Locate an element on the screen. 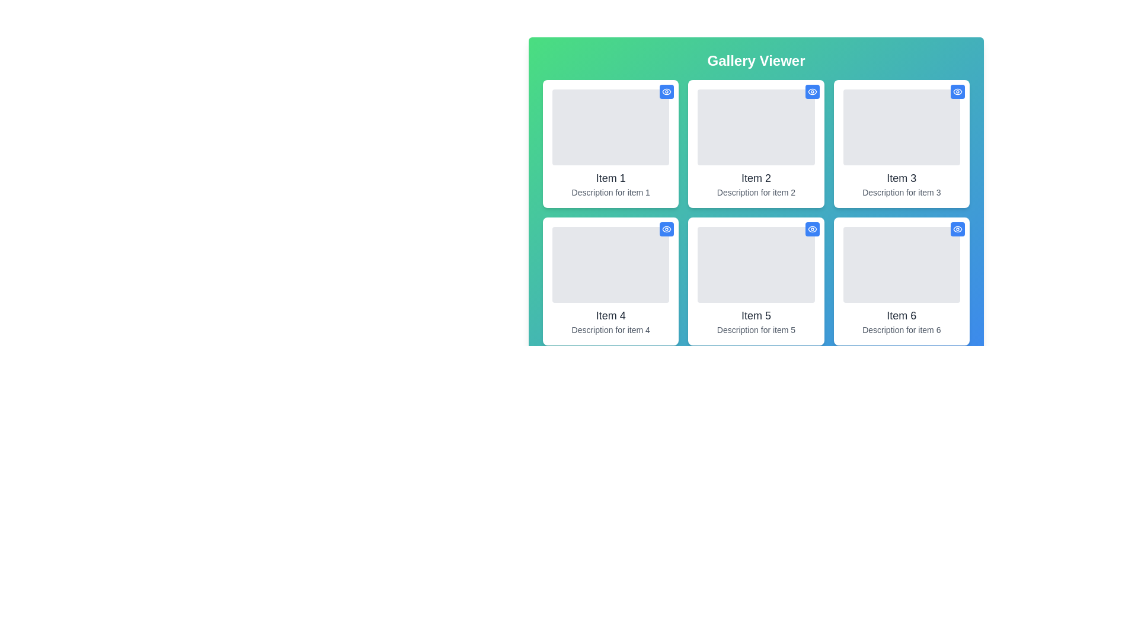  the static text label that describes the item represented by the card labeled 'Item 1' in the top-left card of the grid within the 'Gallery Viewer' is located at coordinates (610, 191).